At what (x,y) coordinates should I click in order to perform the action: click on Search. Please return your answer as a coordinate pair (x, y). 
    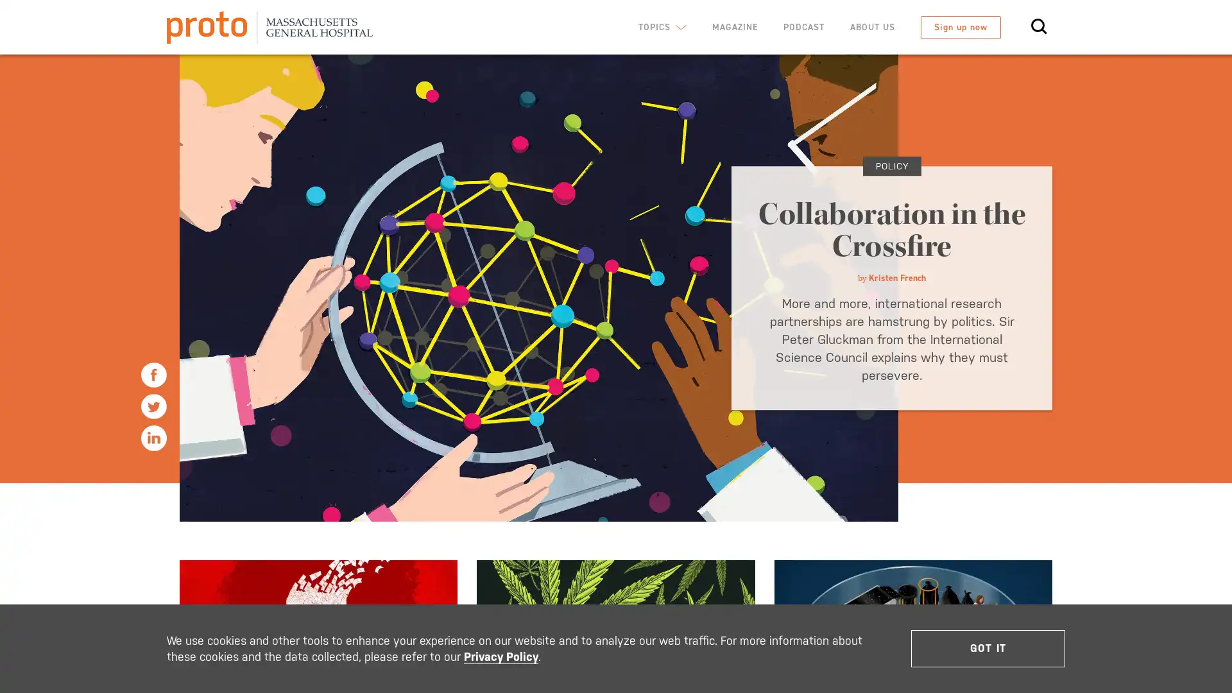
    Looking at the image, I should click on (1013, 105).